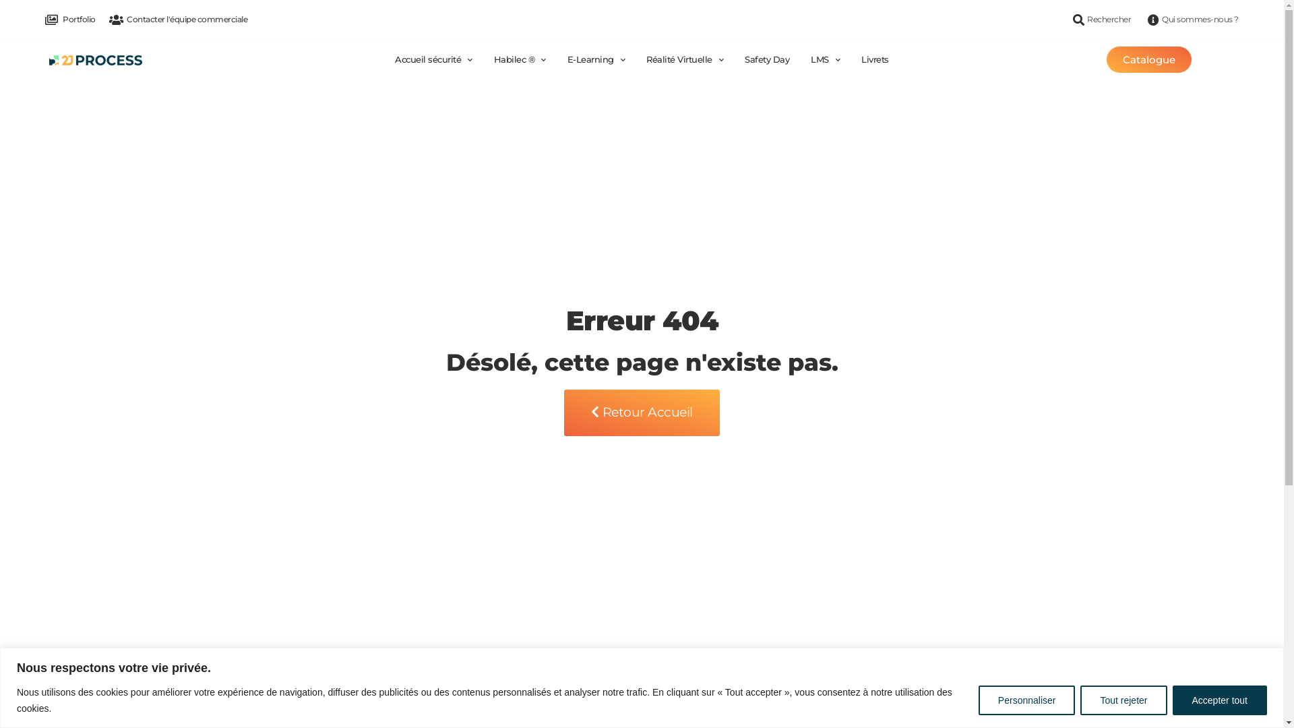 This screenshot has width=1294, height=728. What do you see at coordinates (1220, 698) in the screenshot?
I see `'Accepter tout'` at bounding box center [1220, 698].